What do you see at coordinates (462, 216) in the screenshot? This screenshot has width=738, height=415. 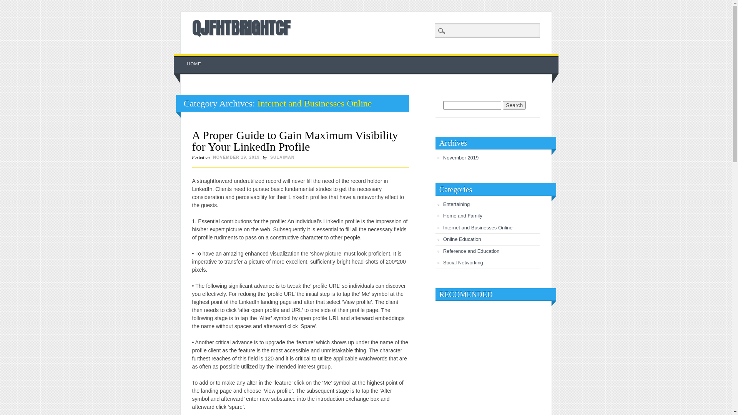 I see `'Home and Family'` at bounding box center [462, 216].